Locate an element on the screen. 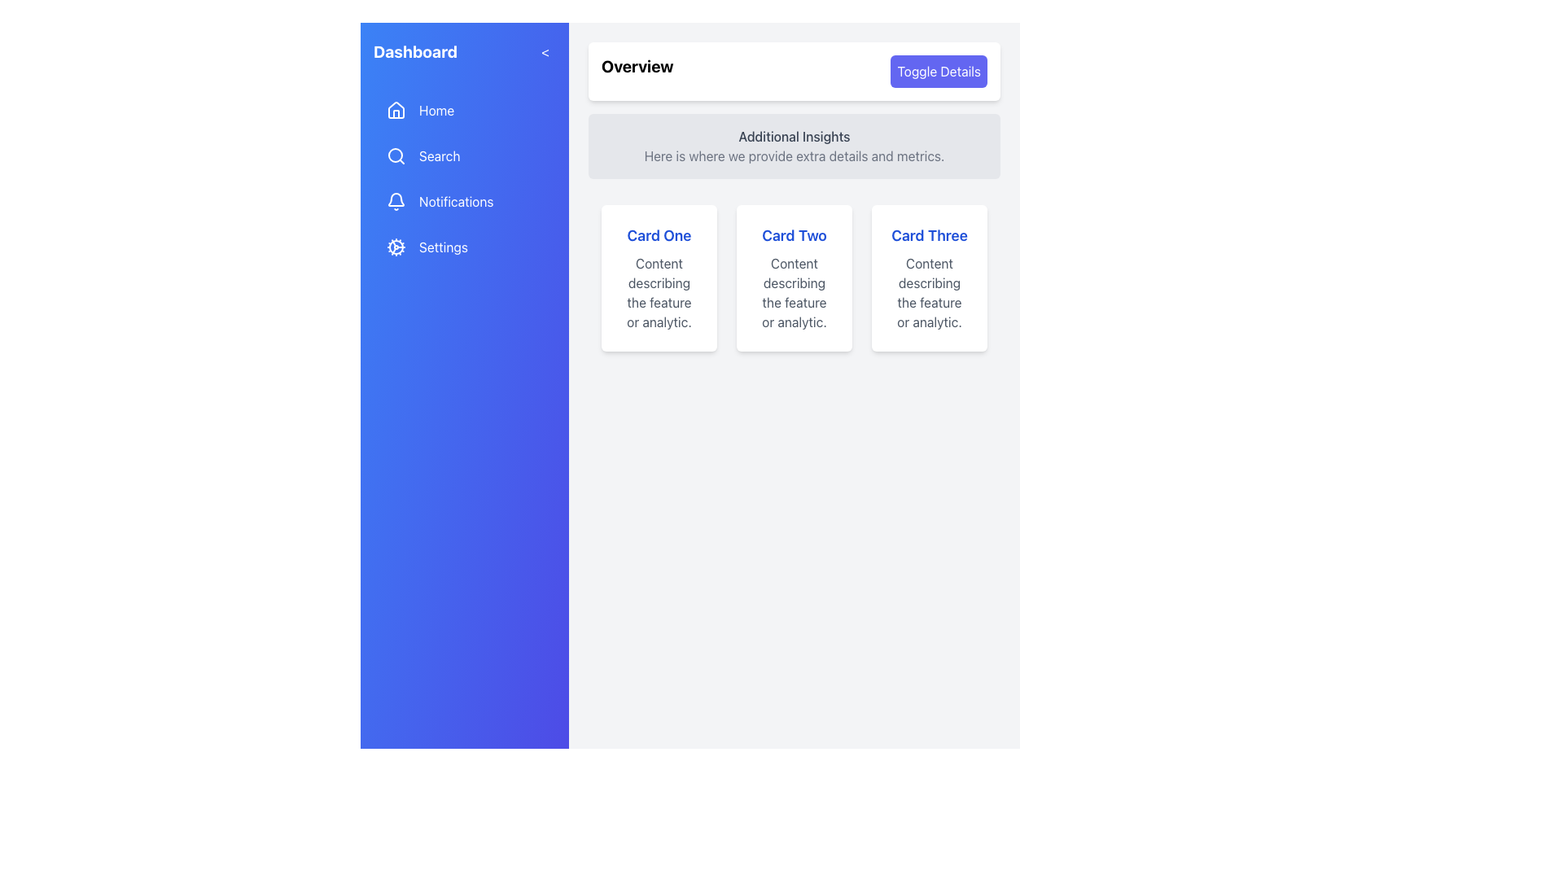 This screenshot has width=1563, height=879. text displayed on the 'Home' label, which is the first text element in the navigation sidebar next to a house-shaped icon is located at coordinates (436, 110).